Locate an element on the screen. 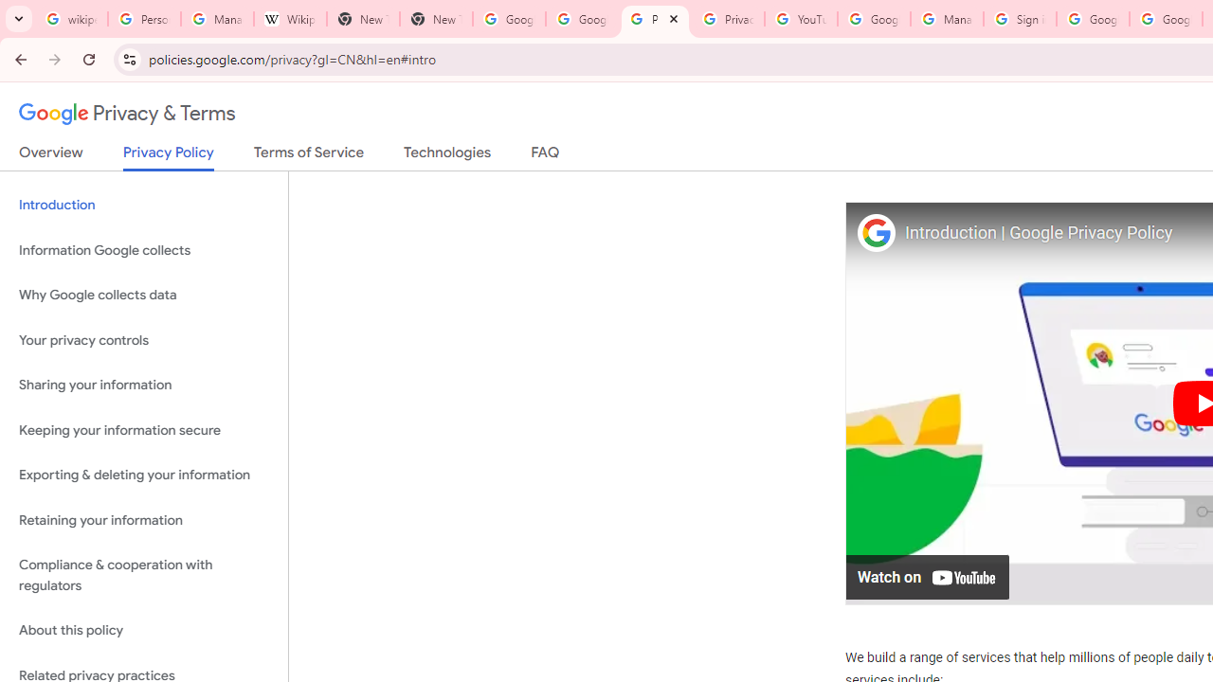 The width and height of the screenshot is (1213, 682). 'Compliance & cooperation with regulators' is located at coordinates (143, 575).